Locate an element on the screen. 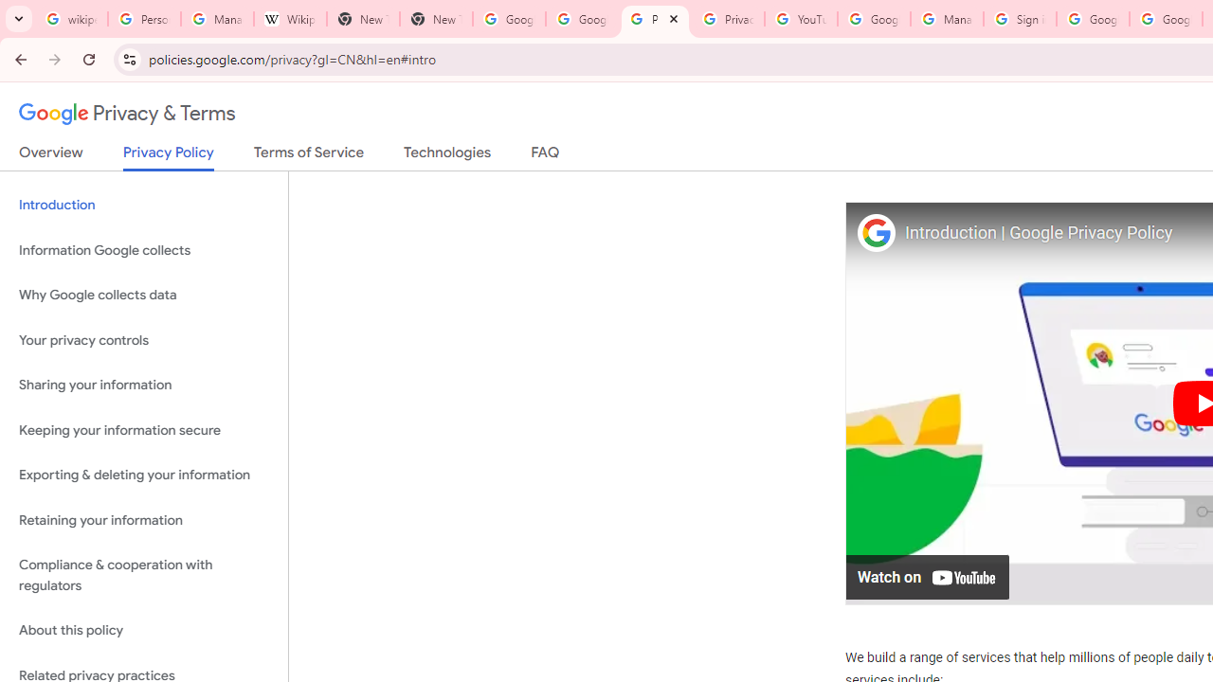 The width and height of the screenshot is (1213, 682). 'Compliance & cooperation with regulators' is located at coordinates (143, 575).